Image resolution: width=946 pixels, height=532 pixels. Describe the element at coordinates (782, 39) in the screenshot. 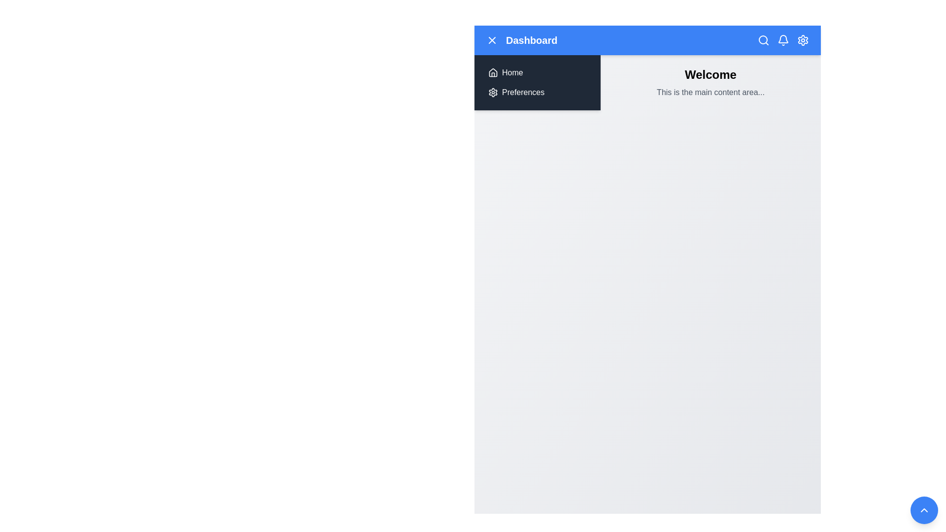

I see `the bell icon, which is the third button on the blue toolbar at the top of the page` at that location.